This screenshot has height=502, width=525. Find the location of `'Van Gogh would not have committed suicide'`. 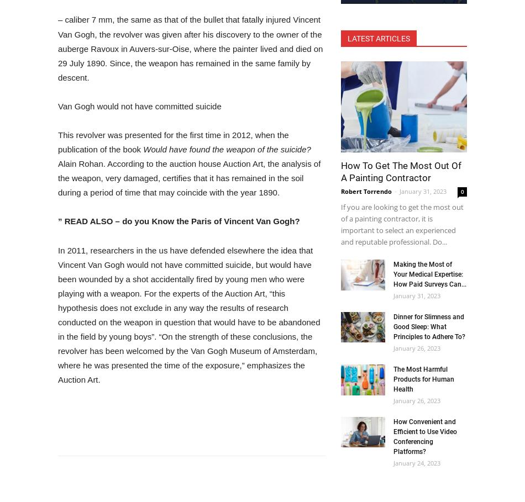

'Van Gogh would not have committed suicide' is located at coordinates (139, 105).